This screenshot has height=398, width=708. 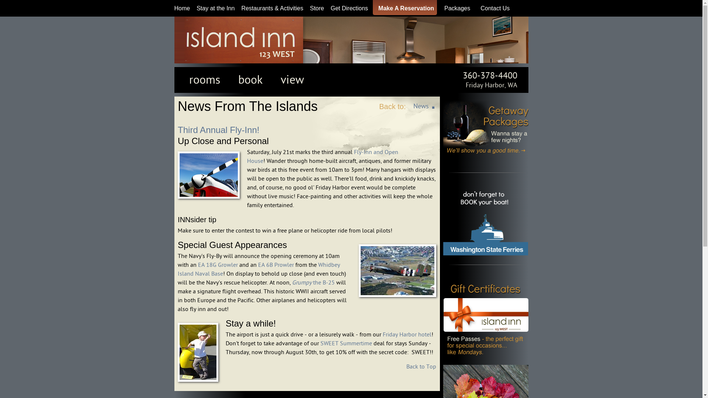 What do you see at coordinates (322, 156) in the screenshot?
I see `'Fly-Inn and Open House'` at bounding box center [322, 156].